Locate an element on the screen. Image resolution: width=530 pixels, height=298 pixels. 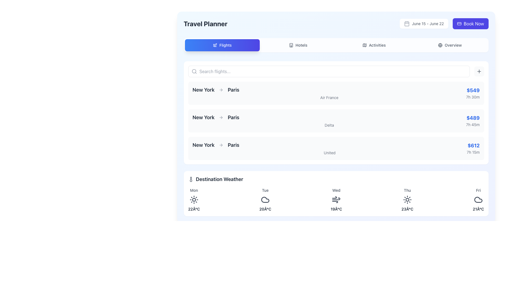
the Text Label displaying '23°C', which is positioned below 'Thu' and to the left of 'Friday' in the weather forecast grid is located at coordinates (407, 209).